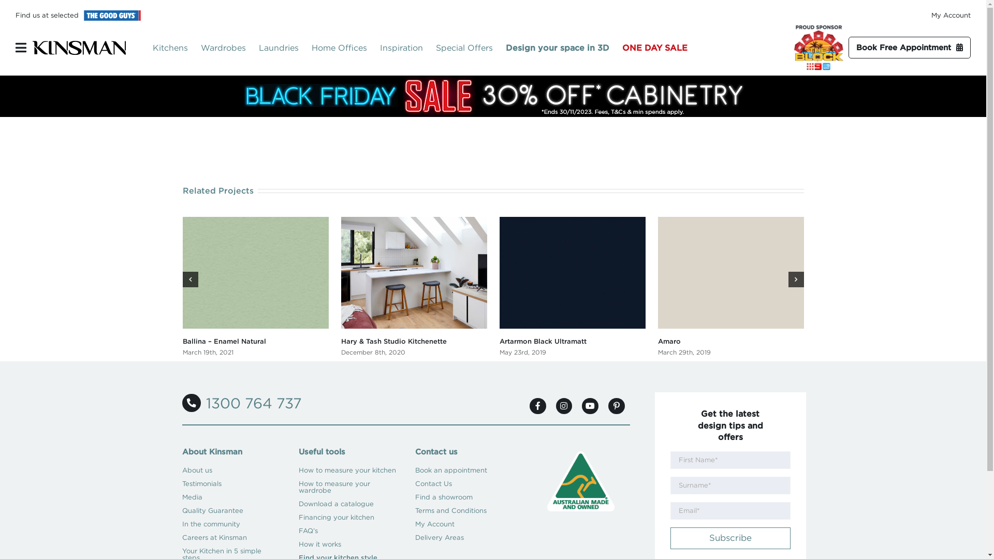 Image resolution: width=994 pixels, height=559 pixels. I want to click on 'My Account', so click(951, 15).